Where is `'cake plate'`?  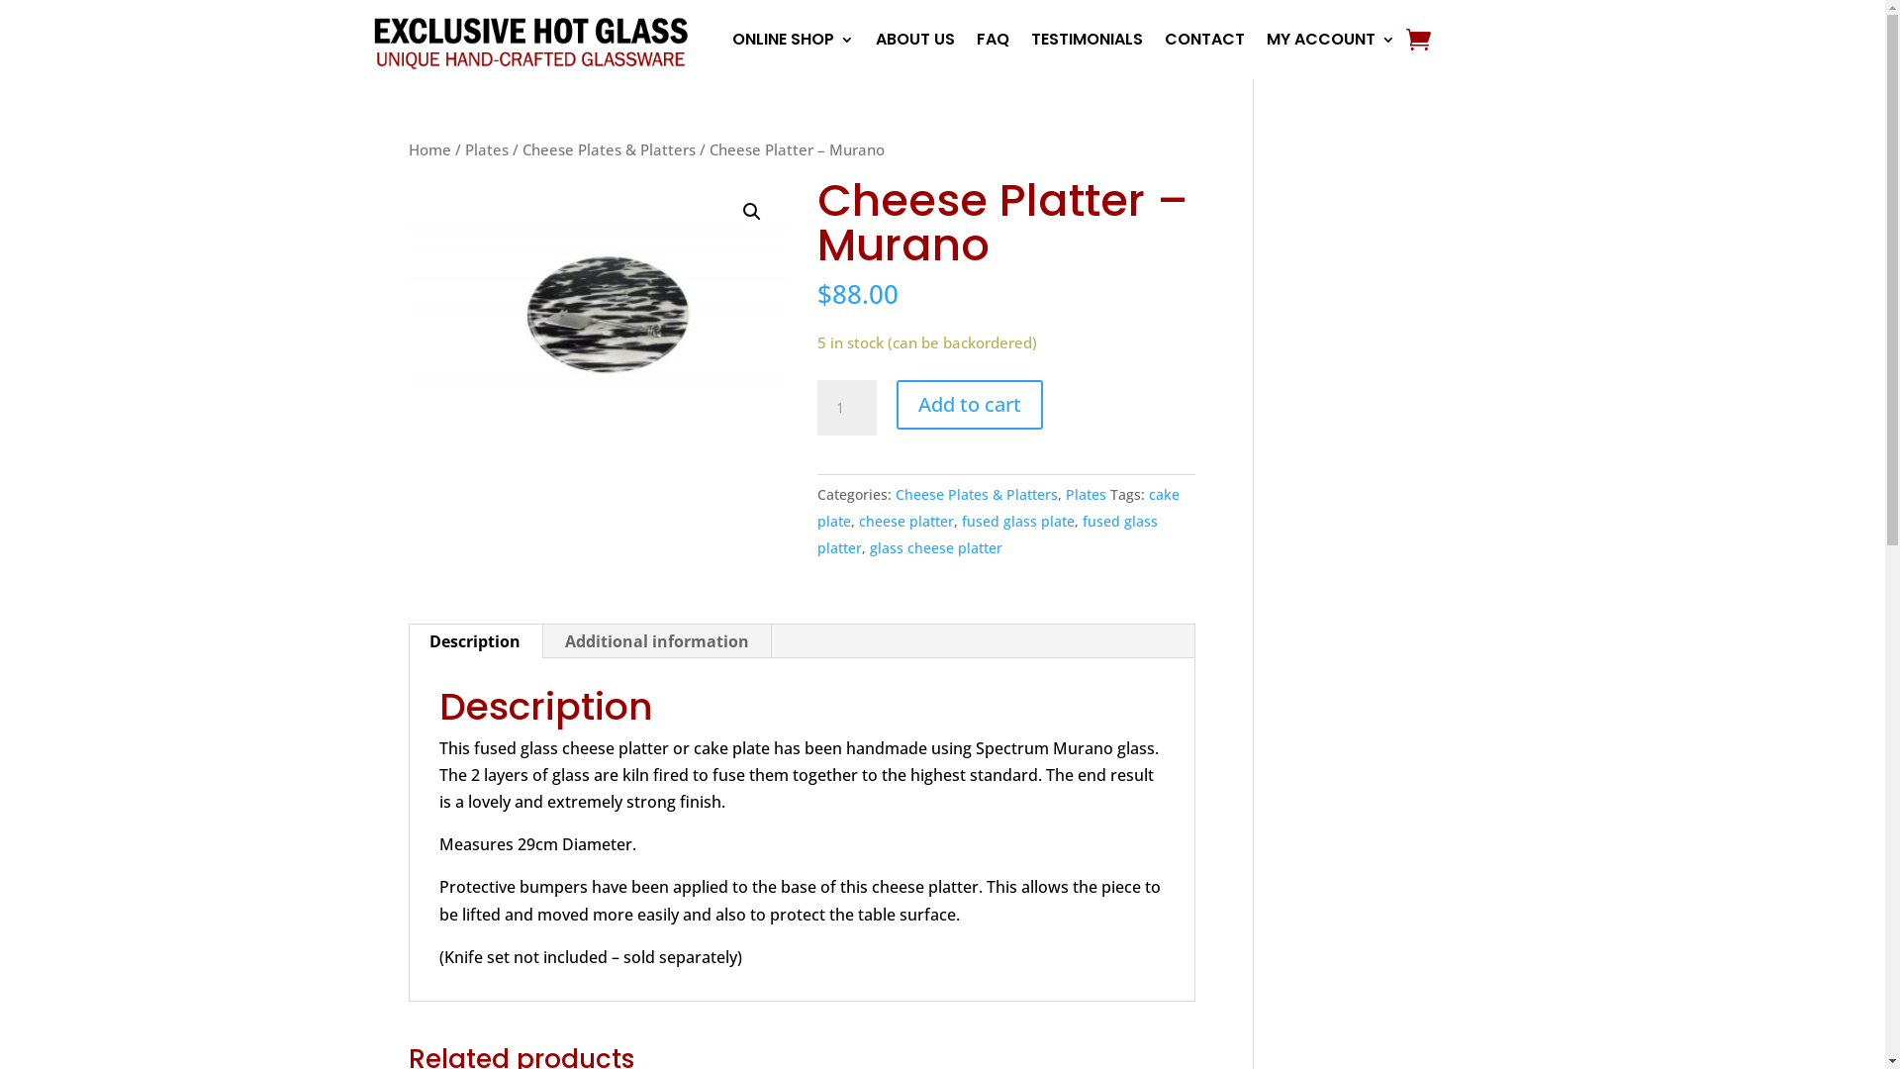 'cake plate' is located at coordinates (997, 507).